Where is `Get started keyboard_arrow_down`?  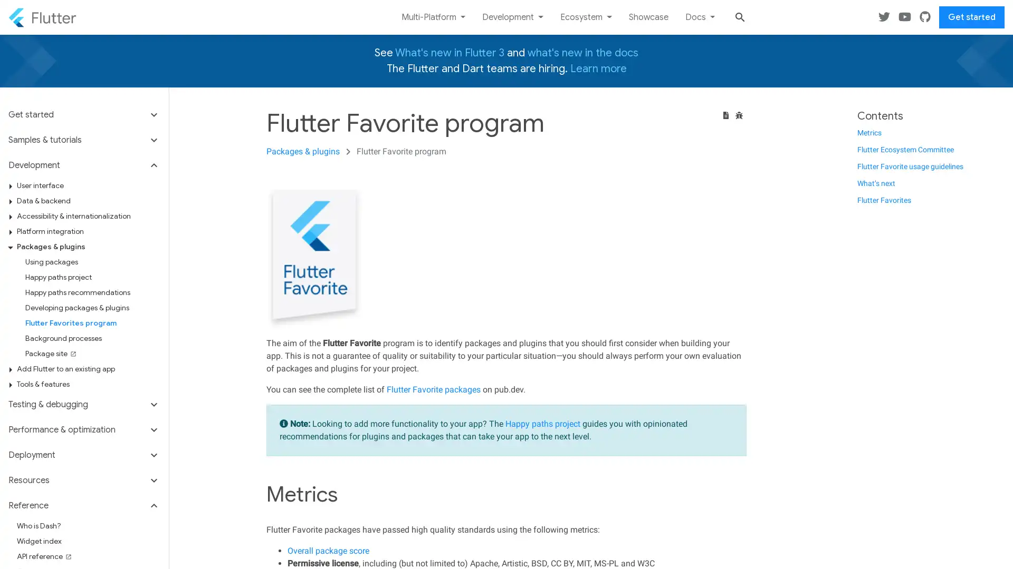 Get started keyboard_arrow_down is located at coordinates (83, 117).